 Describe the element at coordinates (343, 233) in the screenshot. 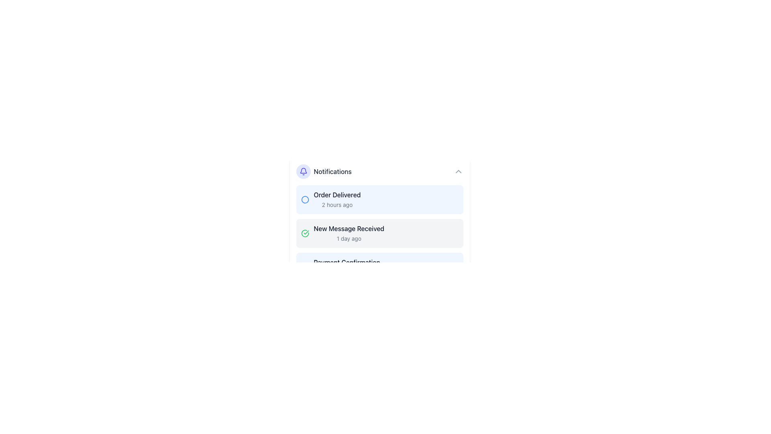

I see `the second notification item in the 'Notifications' list` at that location.